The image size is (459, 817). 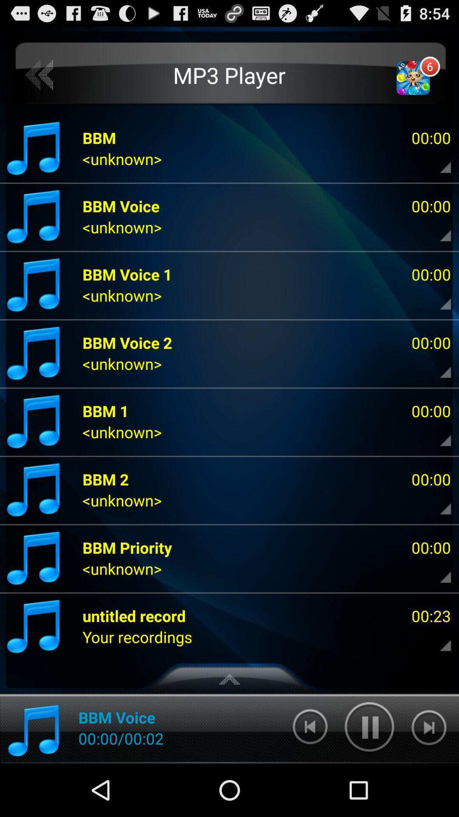 What do you see at coordinates (134, 616) in the screenshot?
I see `the app to the left of 00:23` at bounding box center [134, 616].